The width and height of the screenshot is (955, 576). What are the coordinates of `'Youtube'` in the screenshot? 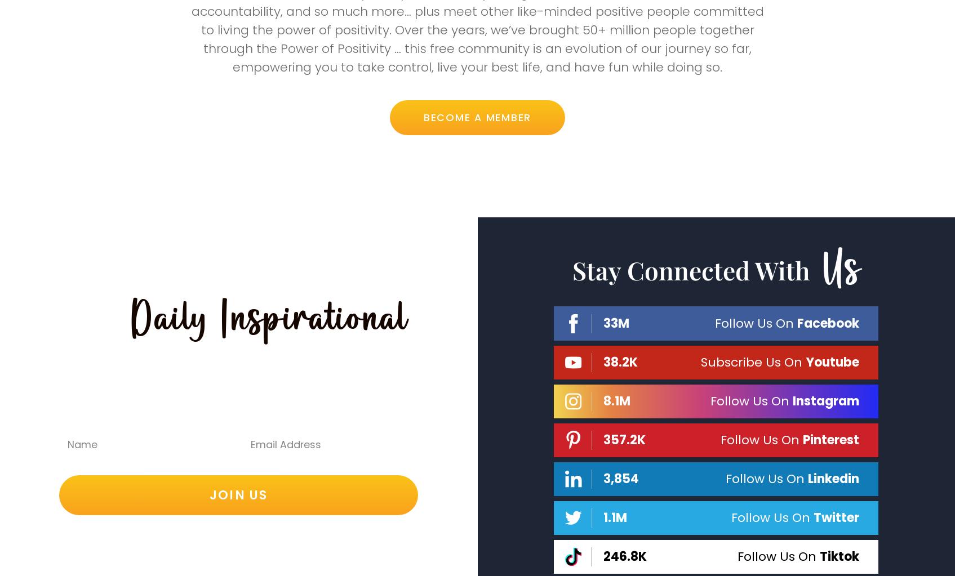 It's located at (832, 385).